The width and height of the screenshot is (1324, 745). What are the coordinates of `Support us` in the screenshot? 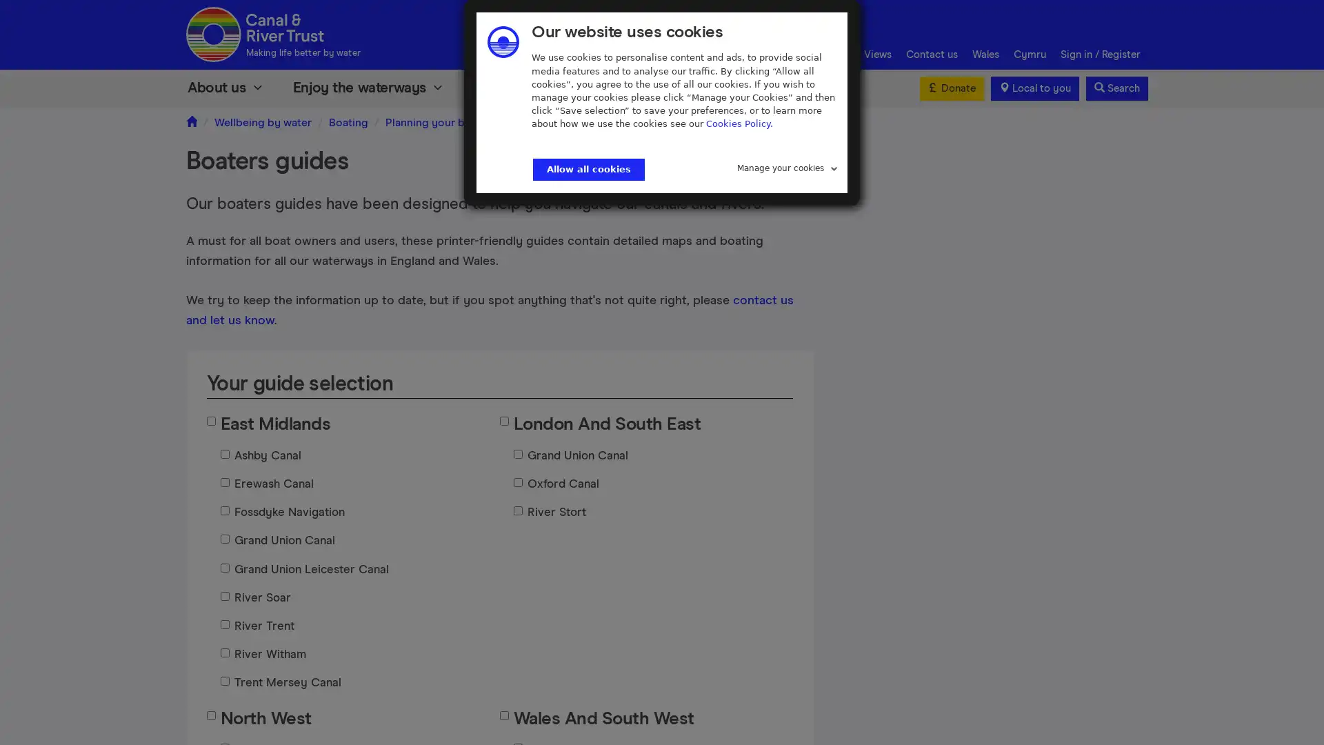 It's located at (628, 88).